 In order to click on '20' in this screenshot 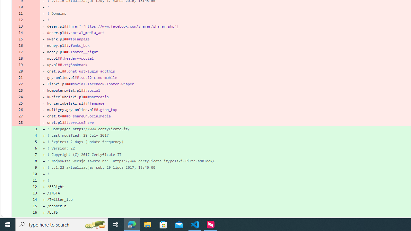, I will do `click(19, 71)`.